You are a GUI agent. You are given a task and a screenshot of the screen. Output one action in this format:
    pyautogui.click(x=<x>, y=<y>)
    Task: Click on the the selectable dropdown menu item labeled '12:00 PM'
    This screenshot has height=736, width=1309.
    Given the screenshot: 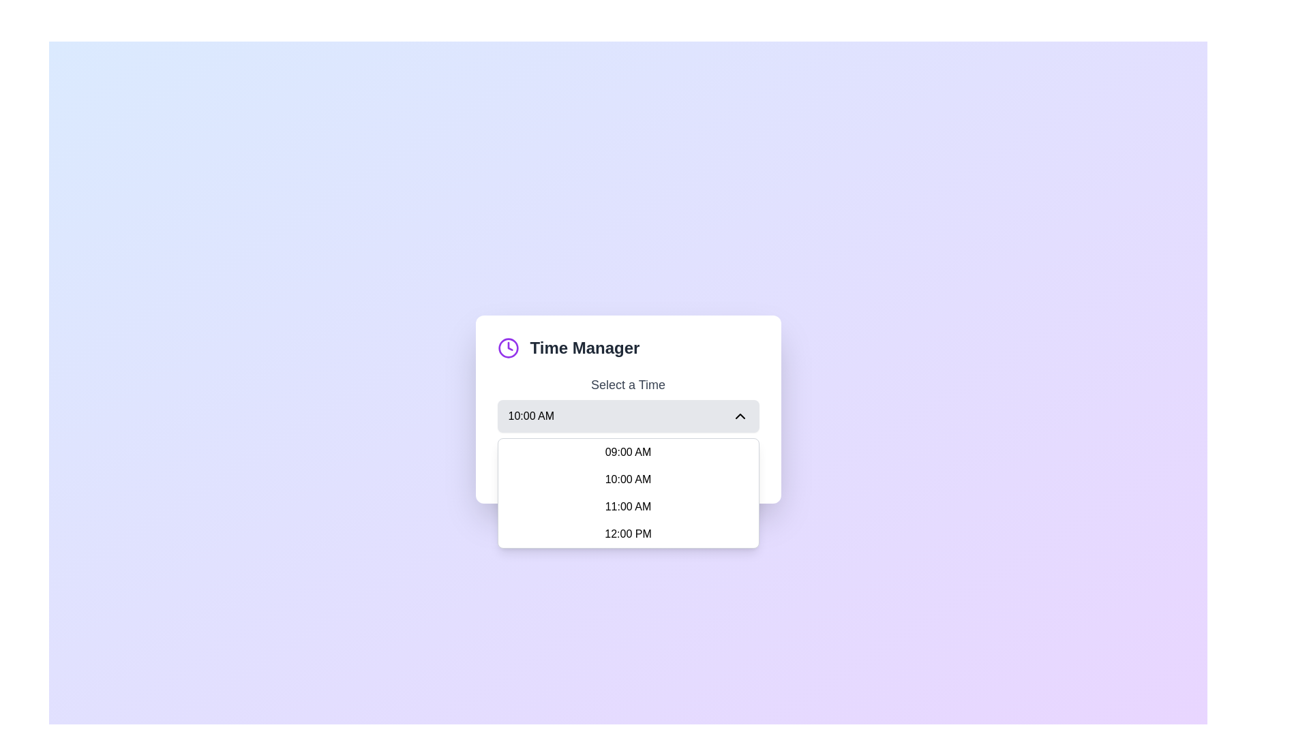 What is the action you would take?
    pyautogui.click(x=627, y=533)
    